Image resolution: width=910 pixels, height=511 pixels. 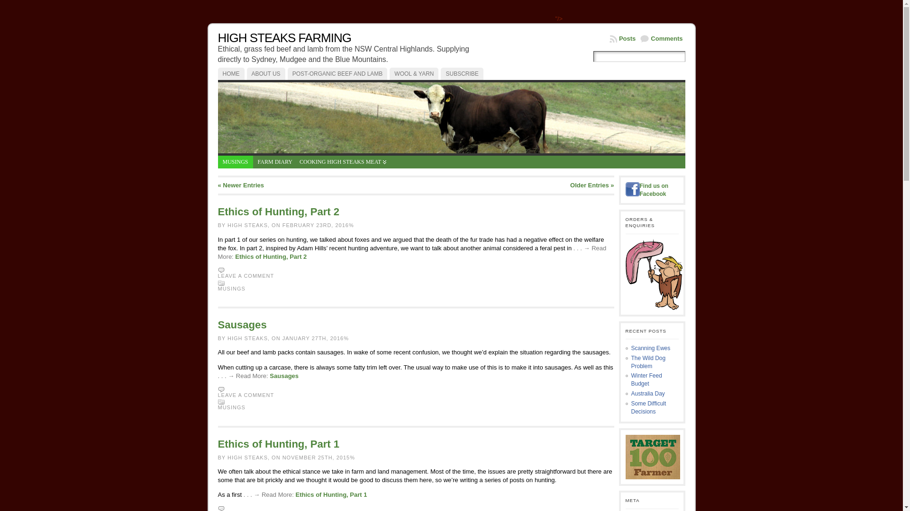 What do you see at coordinates (650, 348) in the screenshot?
I see `'Scanning Ewes'` at bounding box center [650, 348].